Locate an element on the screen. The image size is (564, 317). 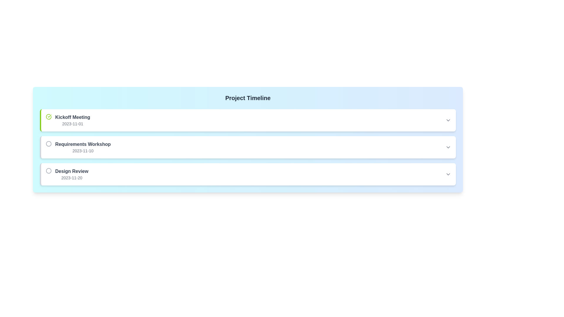
the circular icon with a checkmark in the center, styled with a lime green outline, located to the left of the text 'Kickoff Meeting' is located at coordinates (49, 117).